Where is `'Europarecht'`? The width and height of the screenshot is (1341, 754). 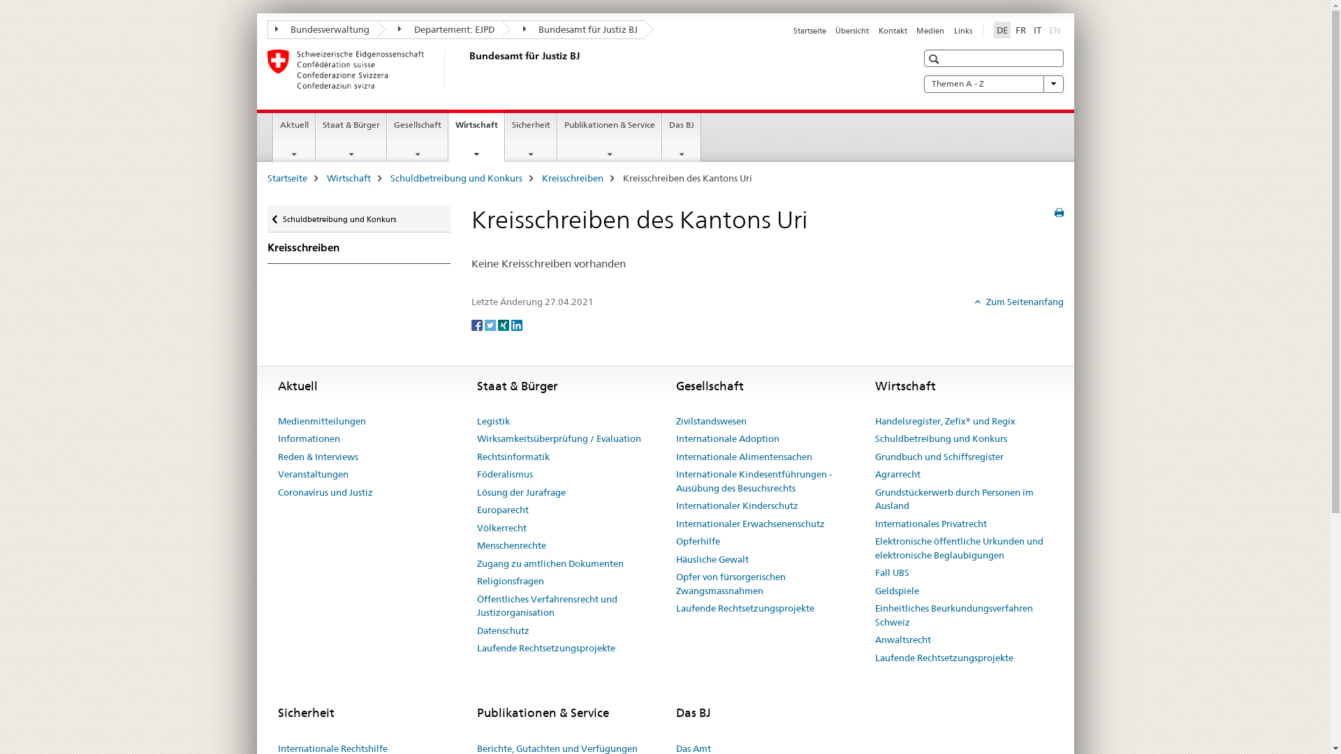
'Europarecht' is located at coordinates (502, 510).